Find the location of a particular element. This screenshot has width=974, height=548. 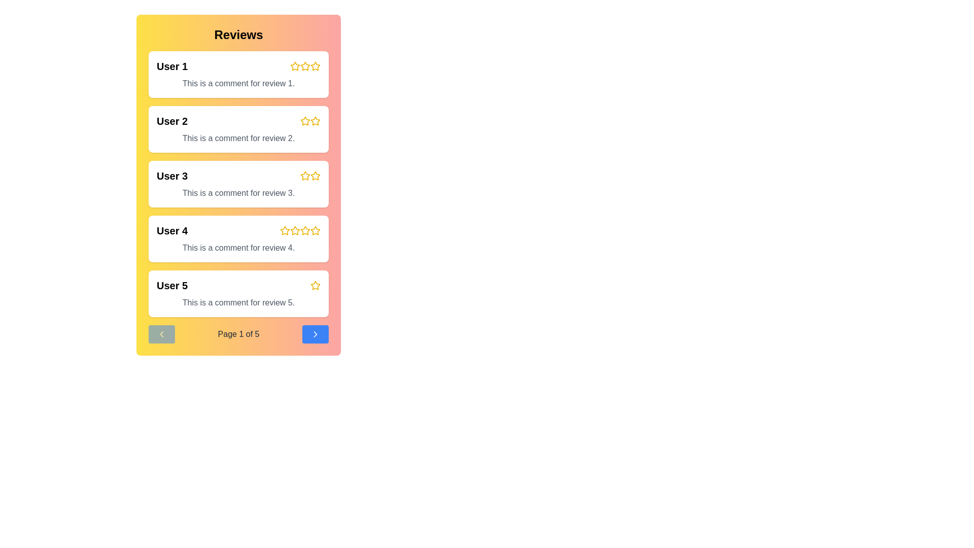

the yellow star-shaped rating icon, which is the fourth star is located at coordinates (314, 230).